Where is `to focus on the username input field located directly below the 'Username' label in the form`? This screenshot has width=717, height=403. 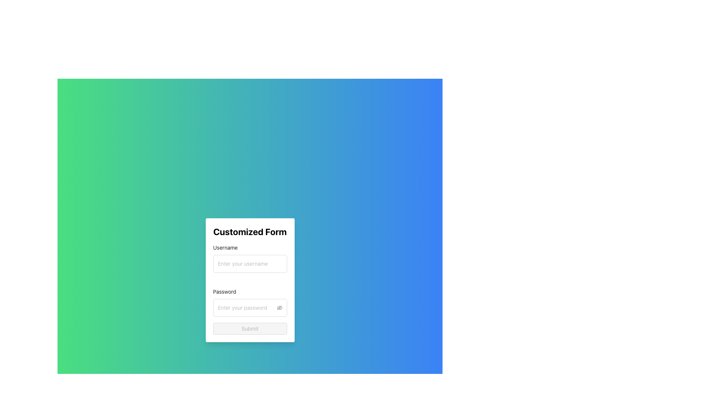
to focus on the username input field located directly below the 'Username' label in the form is located at coordinates (250, 263).